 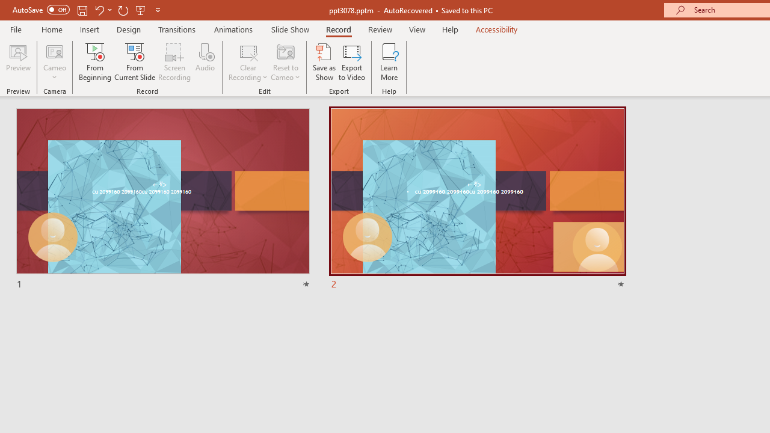 What do you see at coordinates (351, 62) in the screenshot?
I see `'Export to Video'` at bounding box center [351, 62].